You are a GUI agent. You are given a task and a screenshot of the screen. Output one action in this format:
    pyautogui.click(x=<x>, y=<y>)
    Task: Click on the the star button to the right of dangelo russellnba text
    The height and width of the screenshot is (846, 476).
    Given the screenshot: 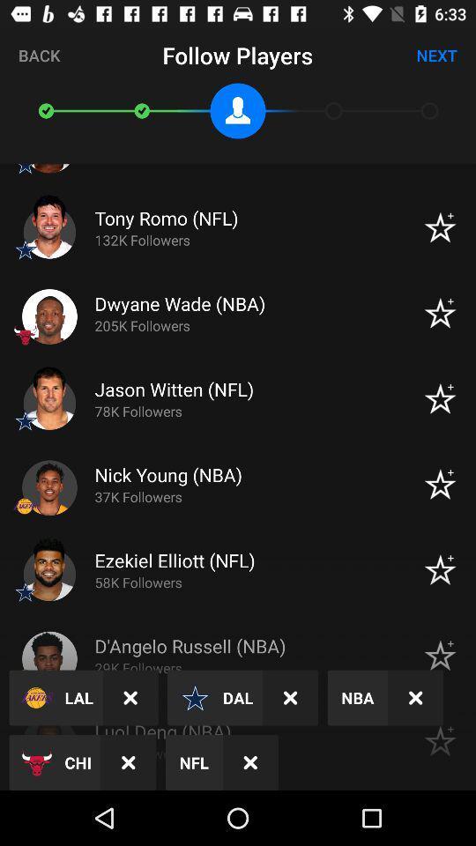 What is the action you would take?
    pyautogui.click(x=439, y=655)
    